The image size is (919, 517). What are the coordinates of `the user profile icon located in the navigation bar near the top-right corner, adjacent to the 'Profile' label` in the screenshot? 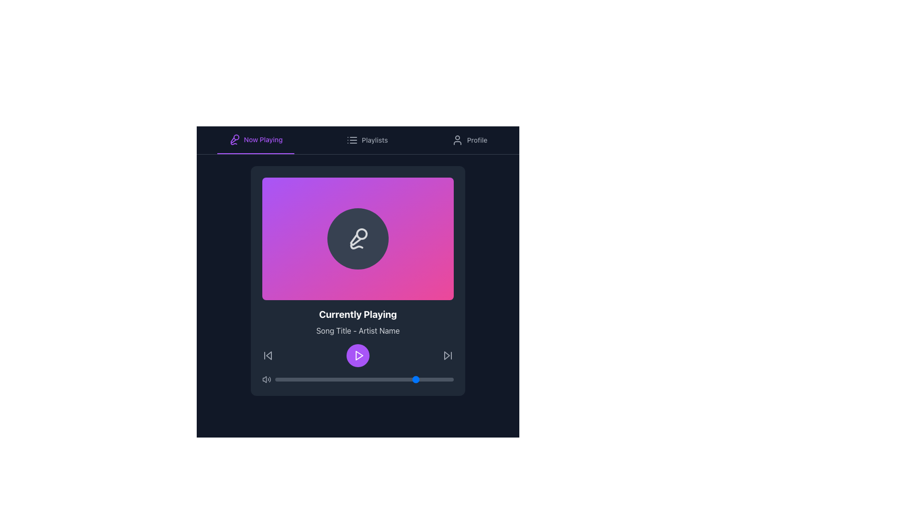 It's located at (457, 140).